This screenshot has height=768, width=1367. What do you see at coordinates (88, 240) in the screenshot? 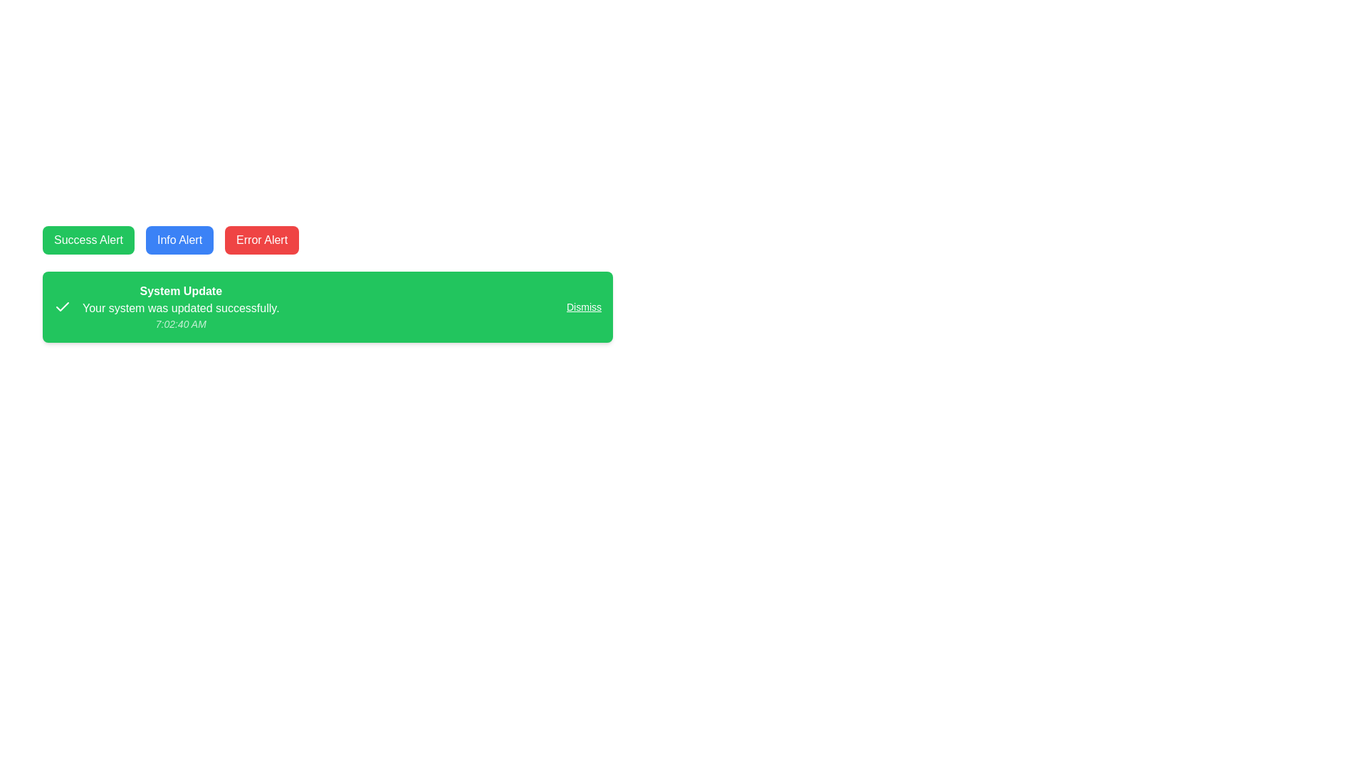
I see `the 'Success Alert' button, which is a rectangular button with rounded corners and a bright green background` at bounding box center [88, 240].